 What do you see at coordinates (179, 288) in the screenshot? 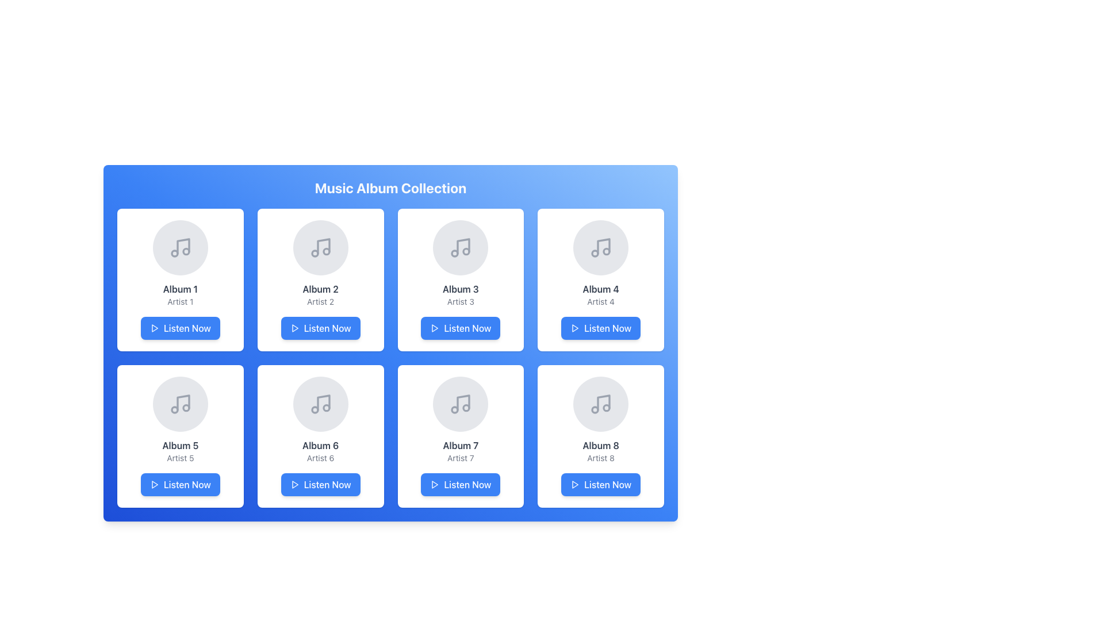
I see `the text label displaying 'Album 1' which is centrally located in the first card of the album collection grid` at bounding box center [179, 288].